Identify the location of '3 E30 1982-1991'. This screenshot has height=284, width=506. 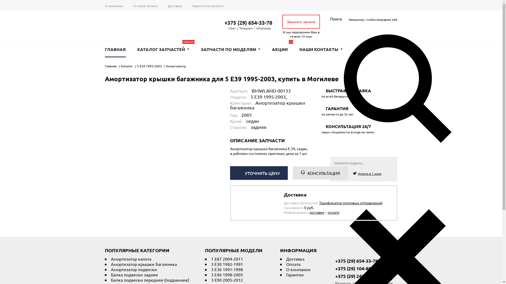
(227, 264).